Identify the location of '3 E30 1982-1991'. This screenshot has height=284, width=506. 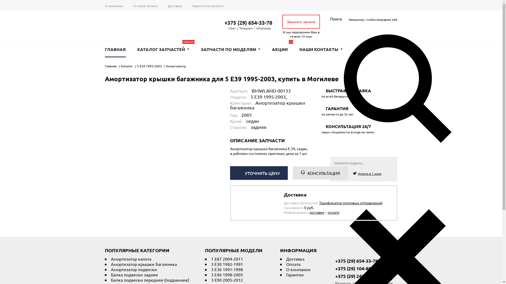
(227, 264).